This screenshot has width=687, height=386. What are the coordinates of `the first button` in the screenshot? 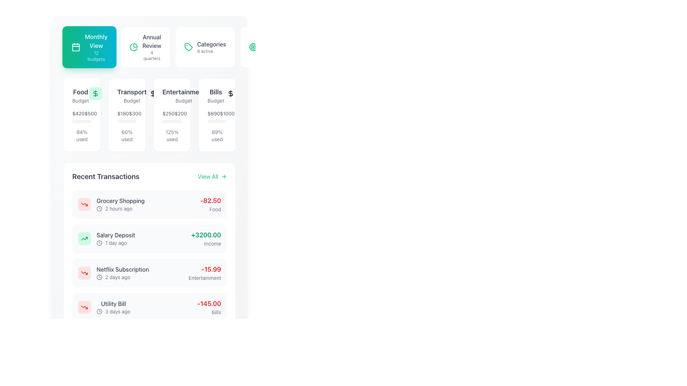 It's located at (89, 47).